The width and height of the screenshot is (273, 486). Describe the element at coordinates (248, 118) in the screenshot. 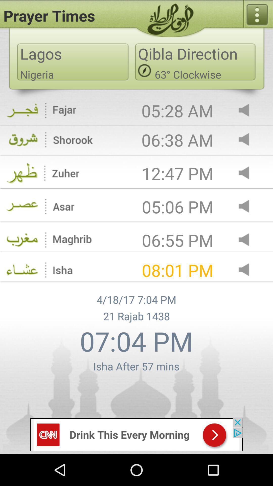

I see `the volume icon` at that location.